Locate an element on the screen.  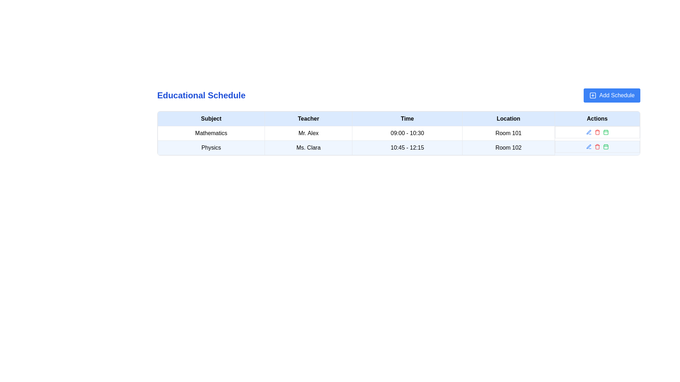
the non-interactive text label displaying the scheduled time for the 'Mathematics' subject taught by 'Mr. Alex', located in the third column of the first data row in the table is located at coordinates (407, 133).